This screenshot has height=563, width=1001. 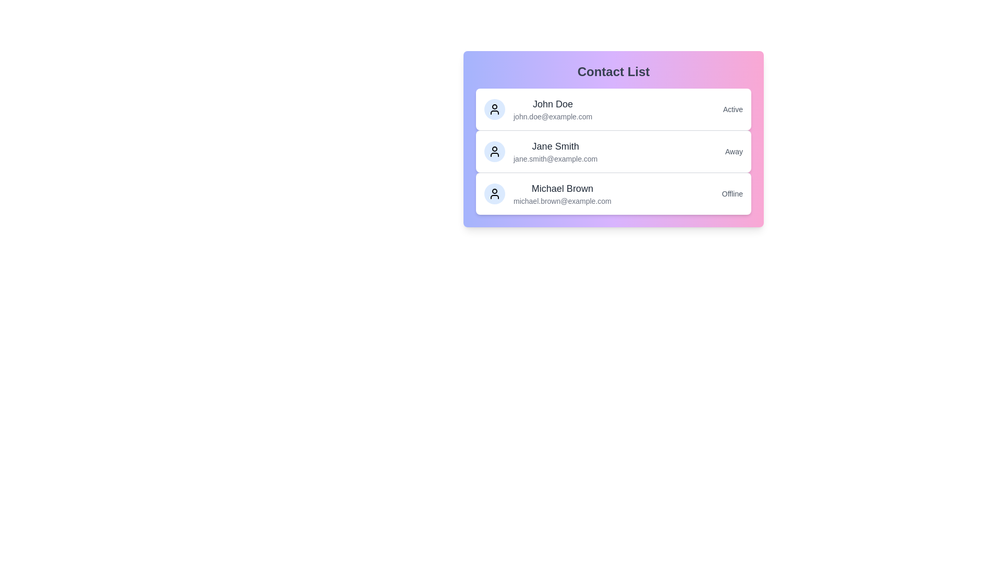 I want to click on the list item corresponding to John Doe, so click(x=613, y=109).